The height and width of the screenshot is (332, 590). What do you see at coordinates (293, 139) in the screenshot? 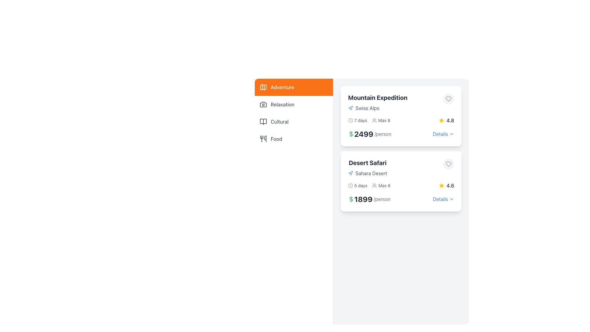
I see `the interactive 'Food' button located in the vertical list of options on the left panel, which is positioned under the 'Cultural' button and is the fourth button in the group` at bounding box center [293, 139].